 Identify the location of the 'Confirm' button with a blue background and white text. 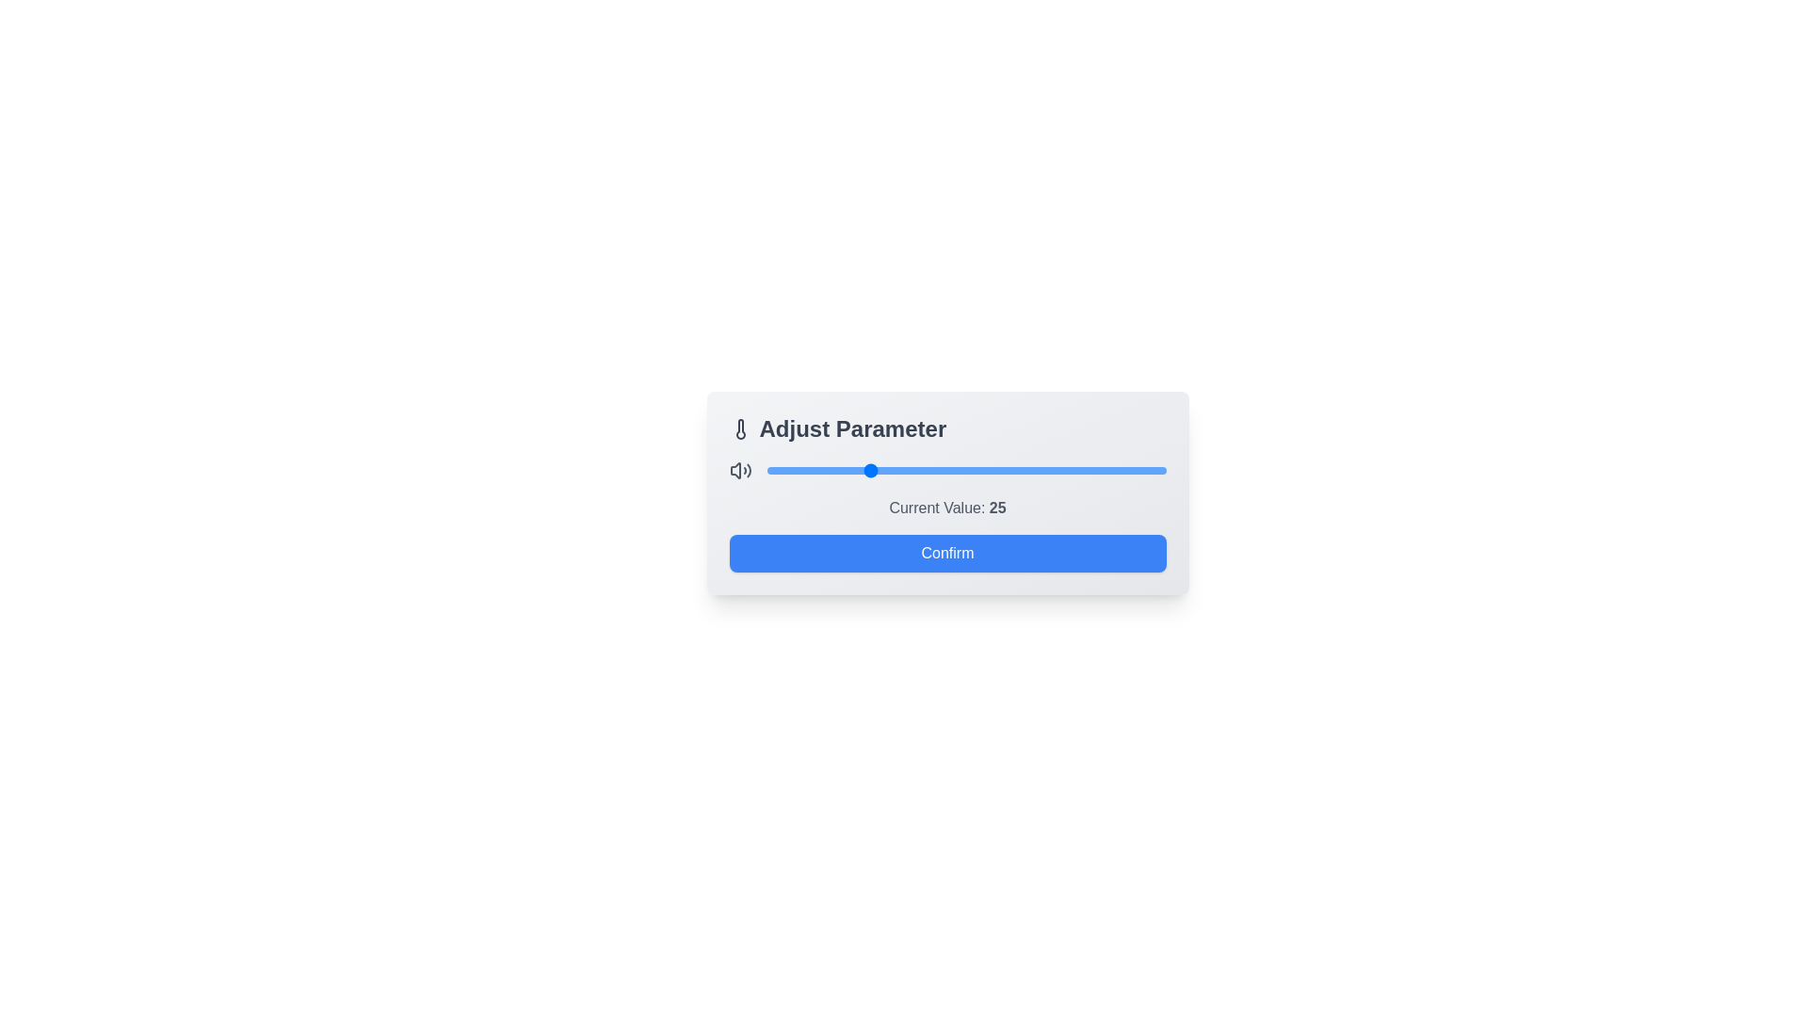
(947, 552).